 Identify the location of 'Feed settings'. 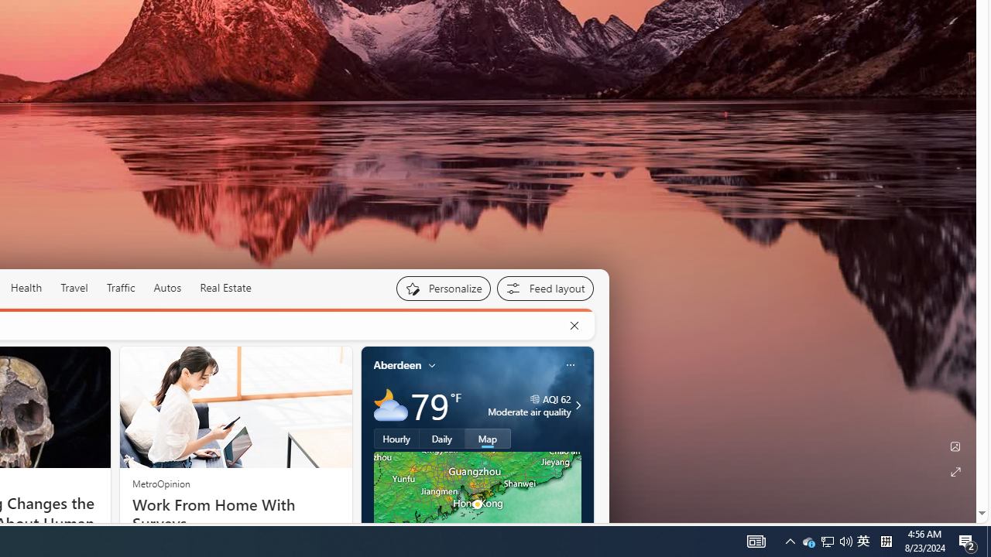
(545, 288).